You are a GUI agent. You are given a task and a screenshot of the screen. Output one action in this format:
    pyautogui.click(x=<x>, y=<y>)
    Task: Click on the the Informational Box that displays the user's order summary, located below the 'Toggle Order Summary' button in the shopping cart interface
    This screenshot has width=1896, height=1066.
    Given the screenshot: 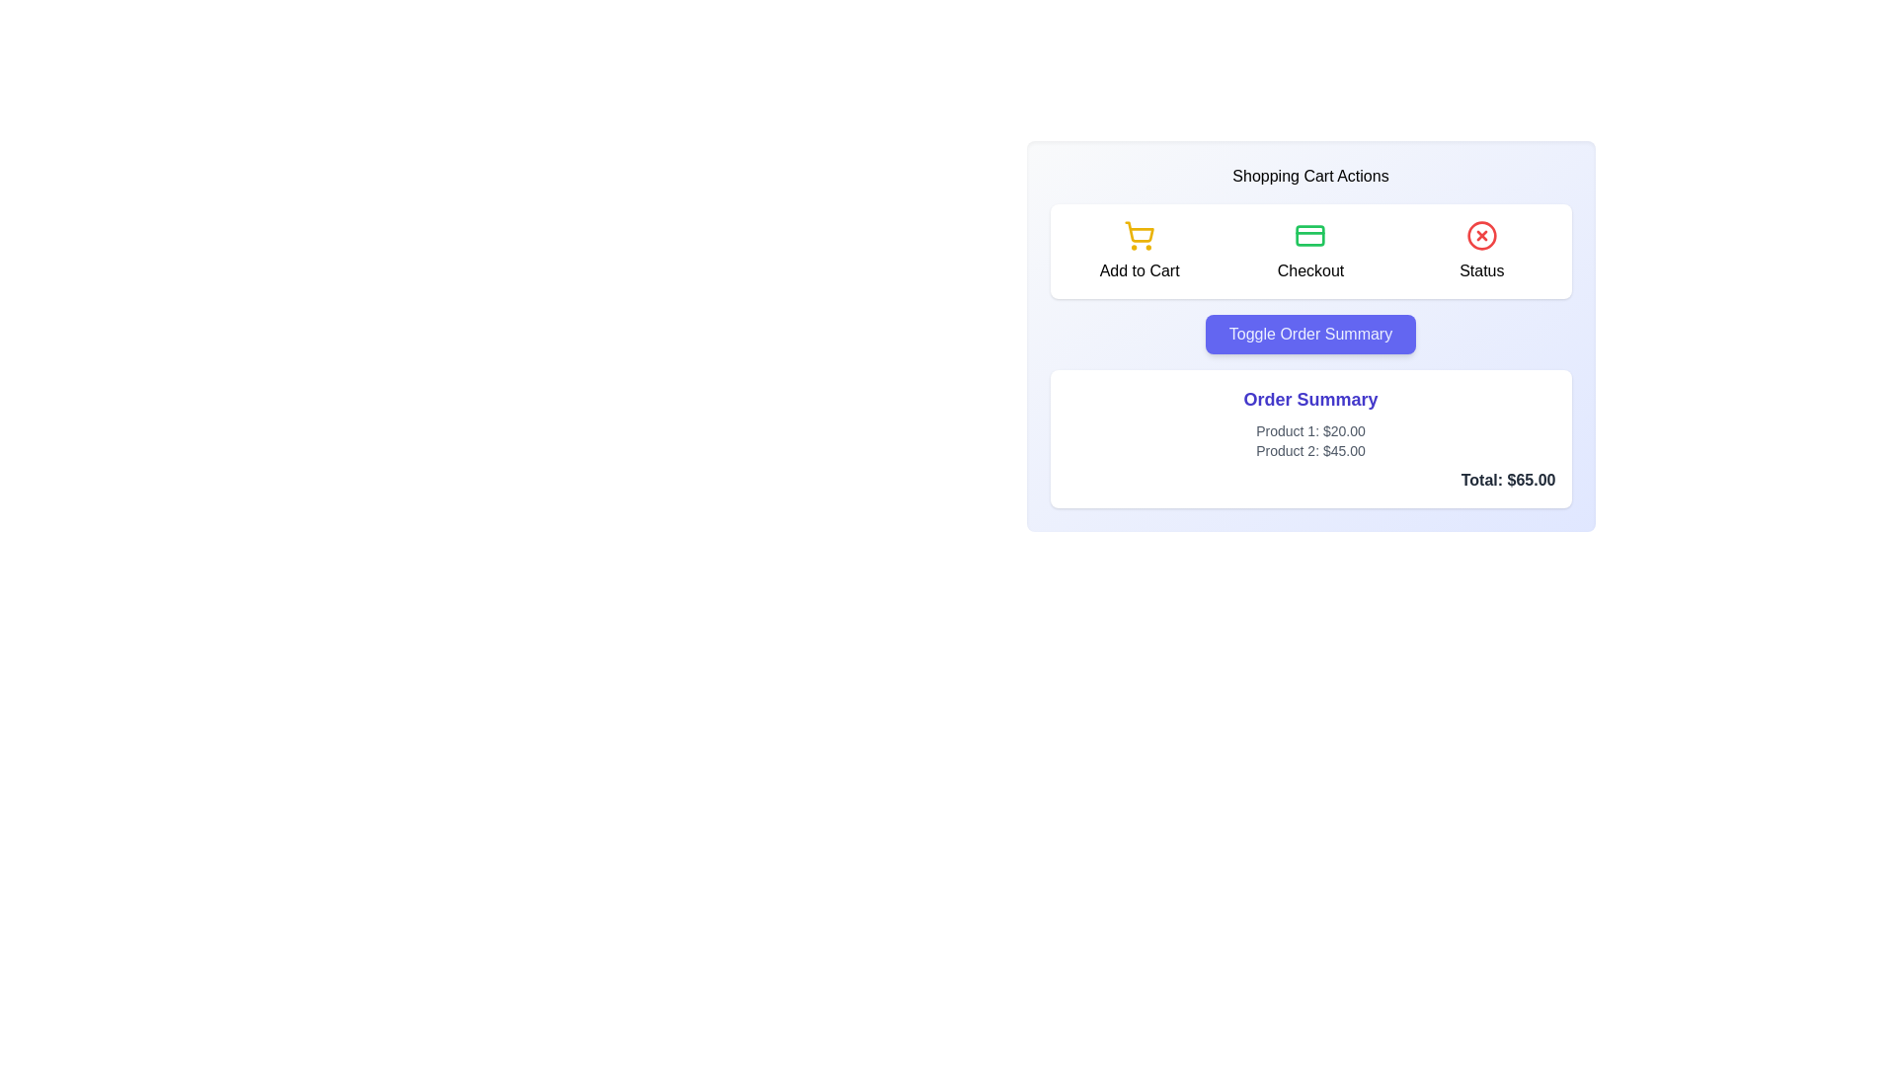 What is the action you would take?
    pyautogui.click(x=1310, y=437)
    